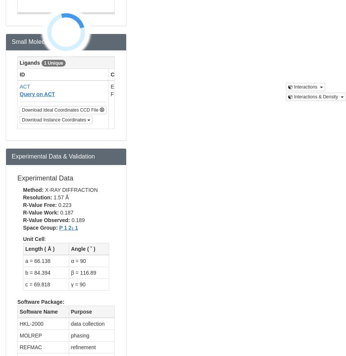  Describe the element at coordinates (61, 110) in the screenshot. I see `'Download Ideal Coordinates CCD File'` at that location.